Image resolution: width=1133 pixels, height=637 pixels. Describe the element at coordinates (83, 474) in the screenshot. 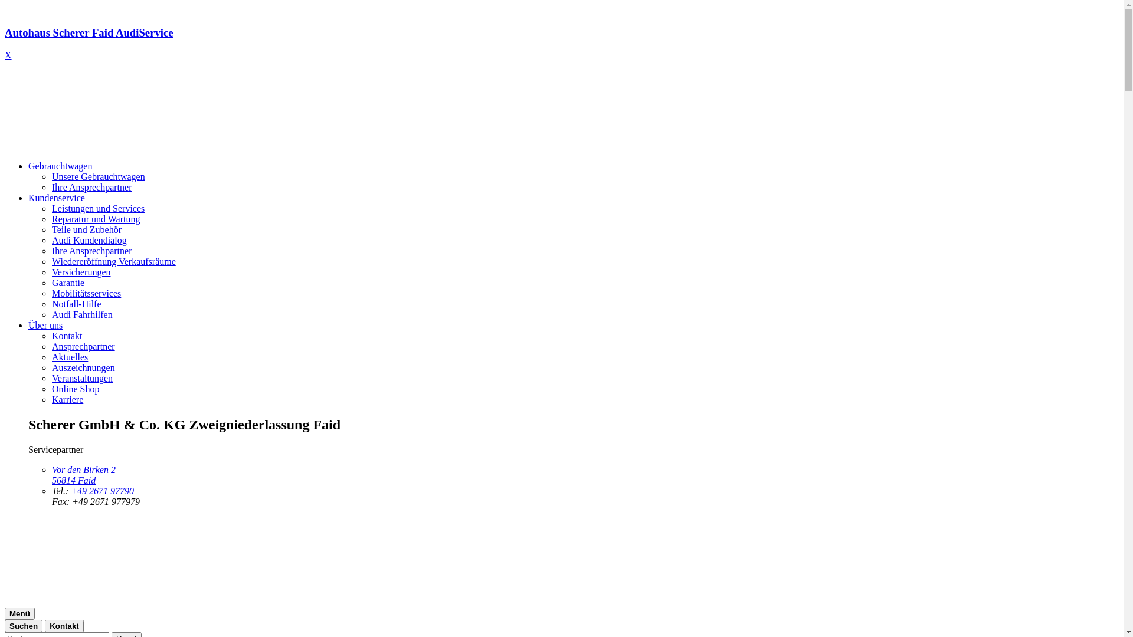

I see `'Vor den Birken 2` at that location.